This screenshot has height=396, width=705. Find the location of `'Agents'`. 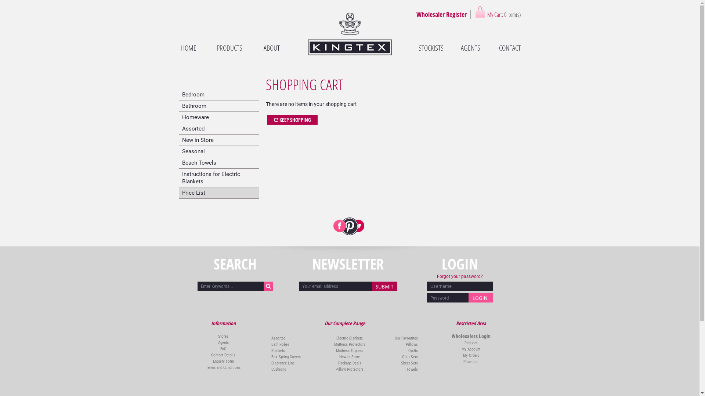

'Agents' is located at coordinates (223, 342).